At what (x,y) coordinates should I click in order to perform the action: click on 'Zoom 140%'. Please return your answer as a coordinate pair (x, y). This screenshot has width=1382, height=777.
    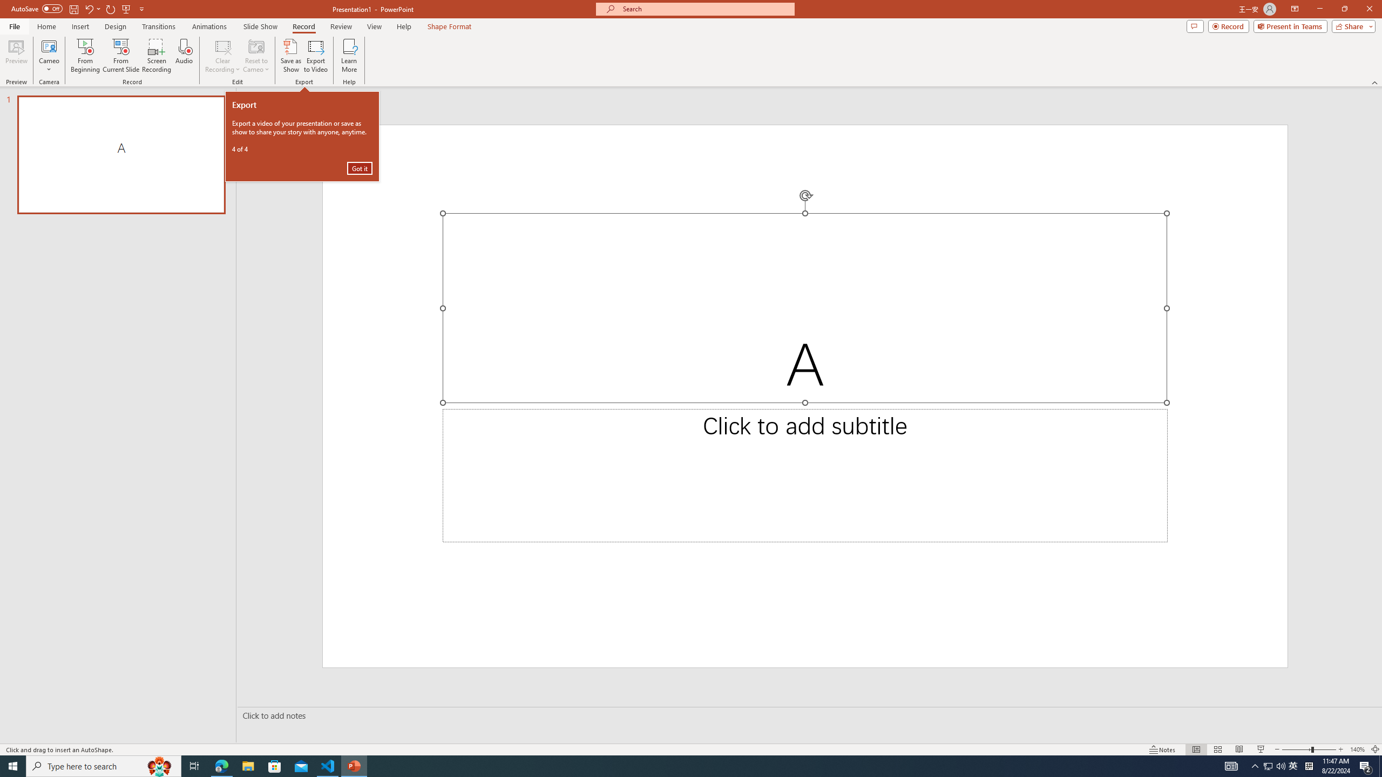
    Looking at the image, I should click on (1358, 749).